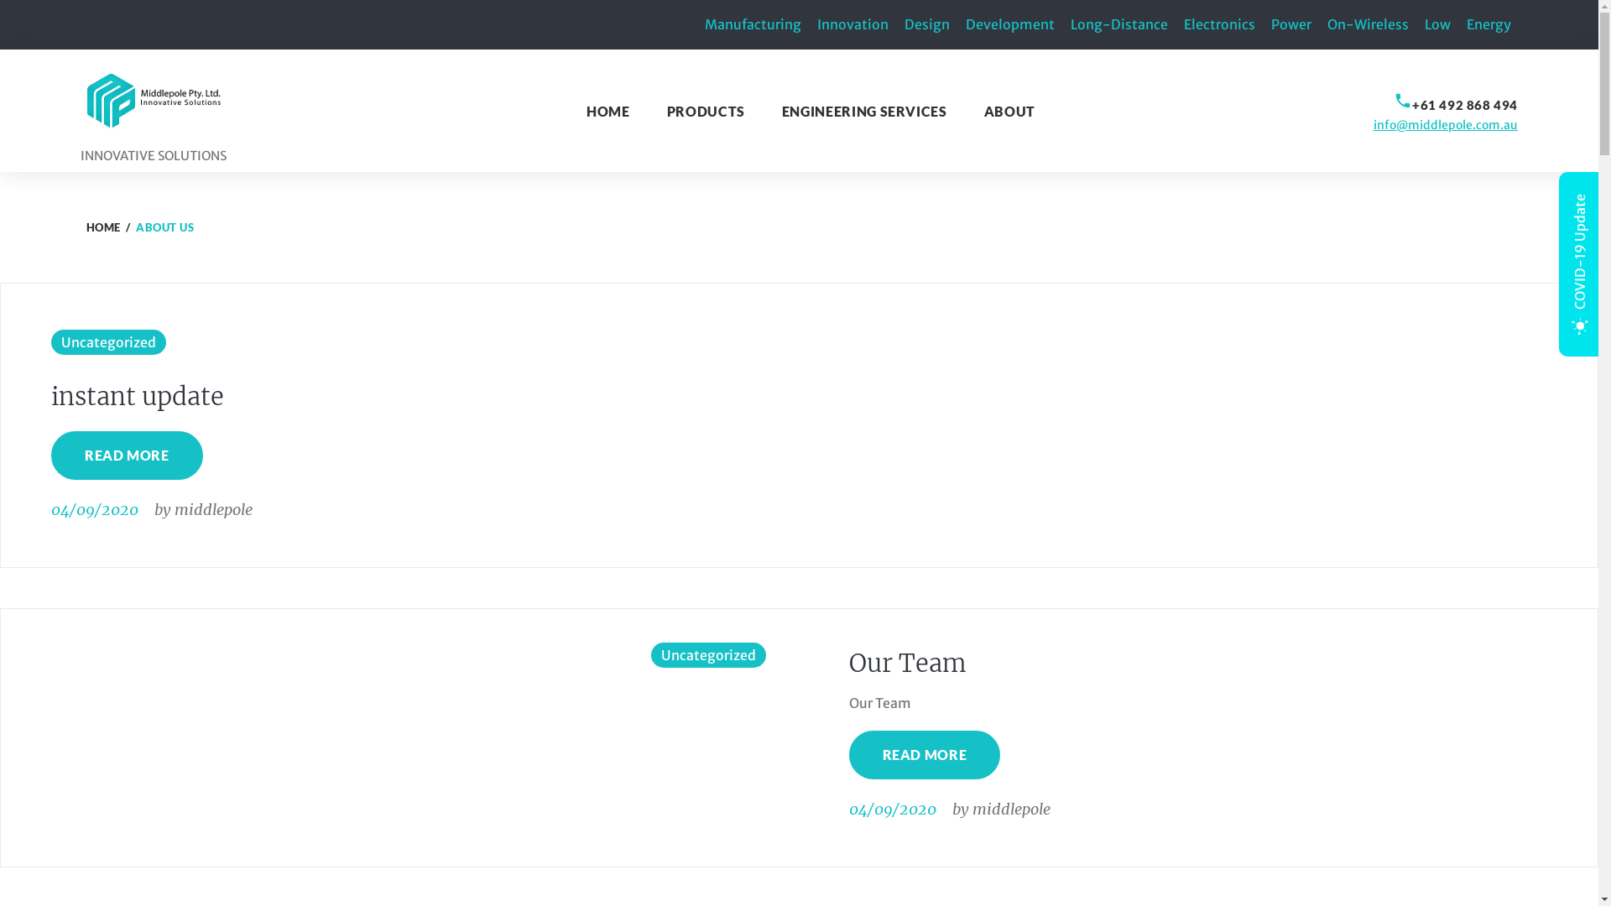 The width and height of the screenshot is (1611, 906). I want to click on 'Manufacturing', so click(752, 24).